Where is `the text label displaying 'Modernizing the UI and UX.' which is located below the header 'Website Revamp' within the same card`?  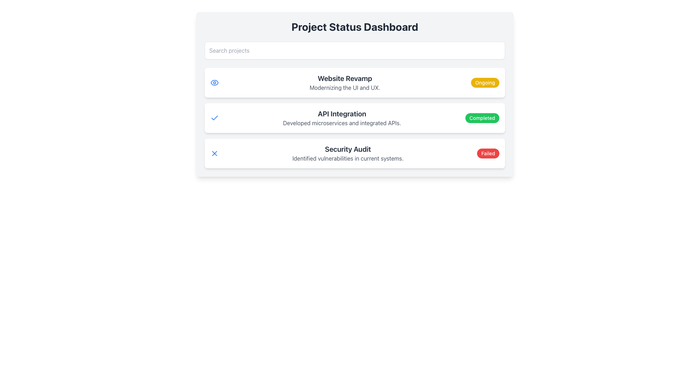
the text label displaying 'Modernizing the UI and UX.' which is located below the header 'Website Revamp' within the same card is located at coordinates (345, 87).